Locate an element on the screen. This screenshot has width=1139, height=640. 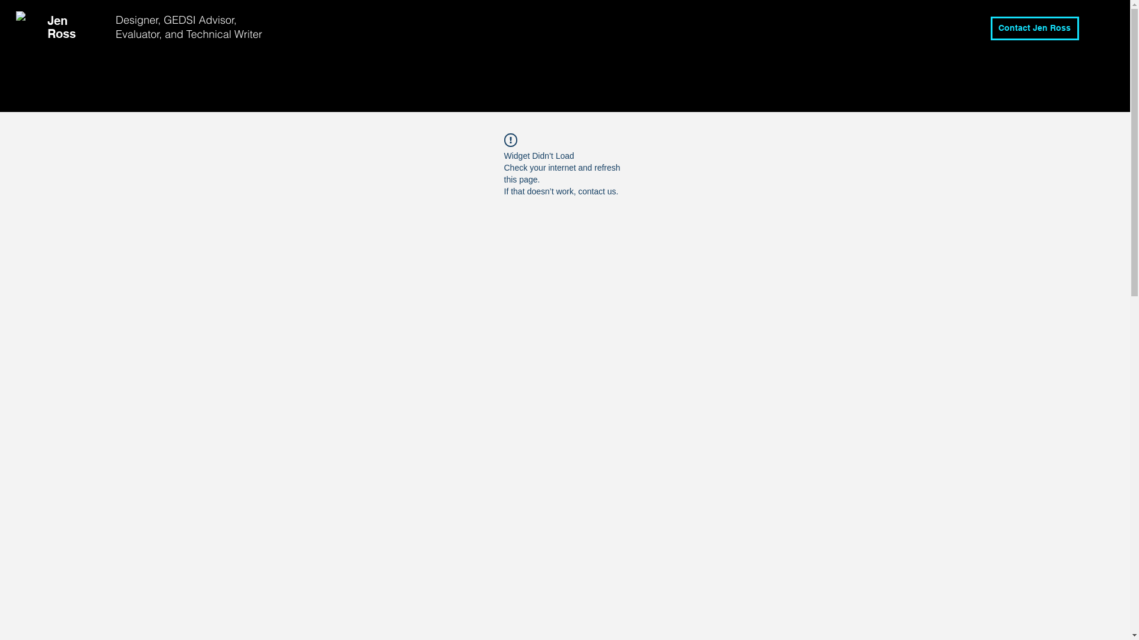
'Contact Jen Ross' is located at coordinates (1034, 27).